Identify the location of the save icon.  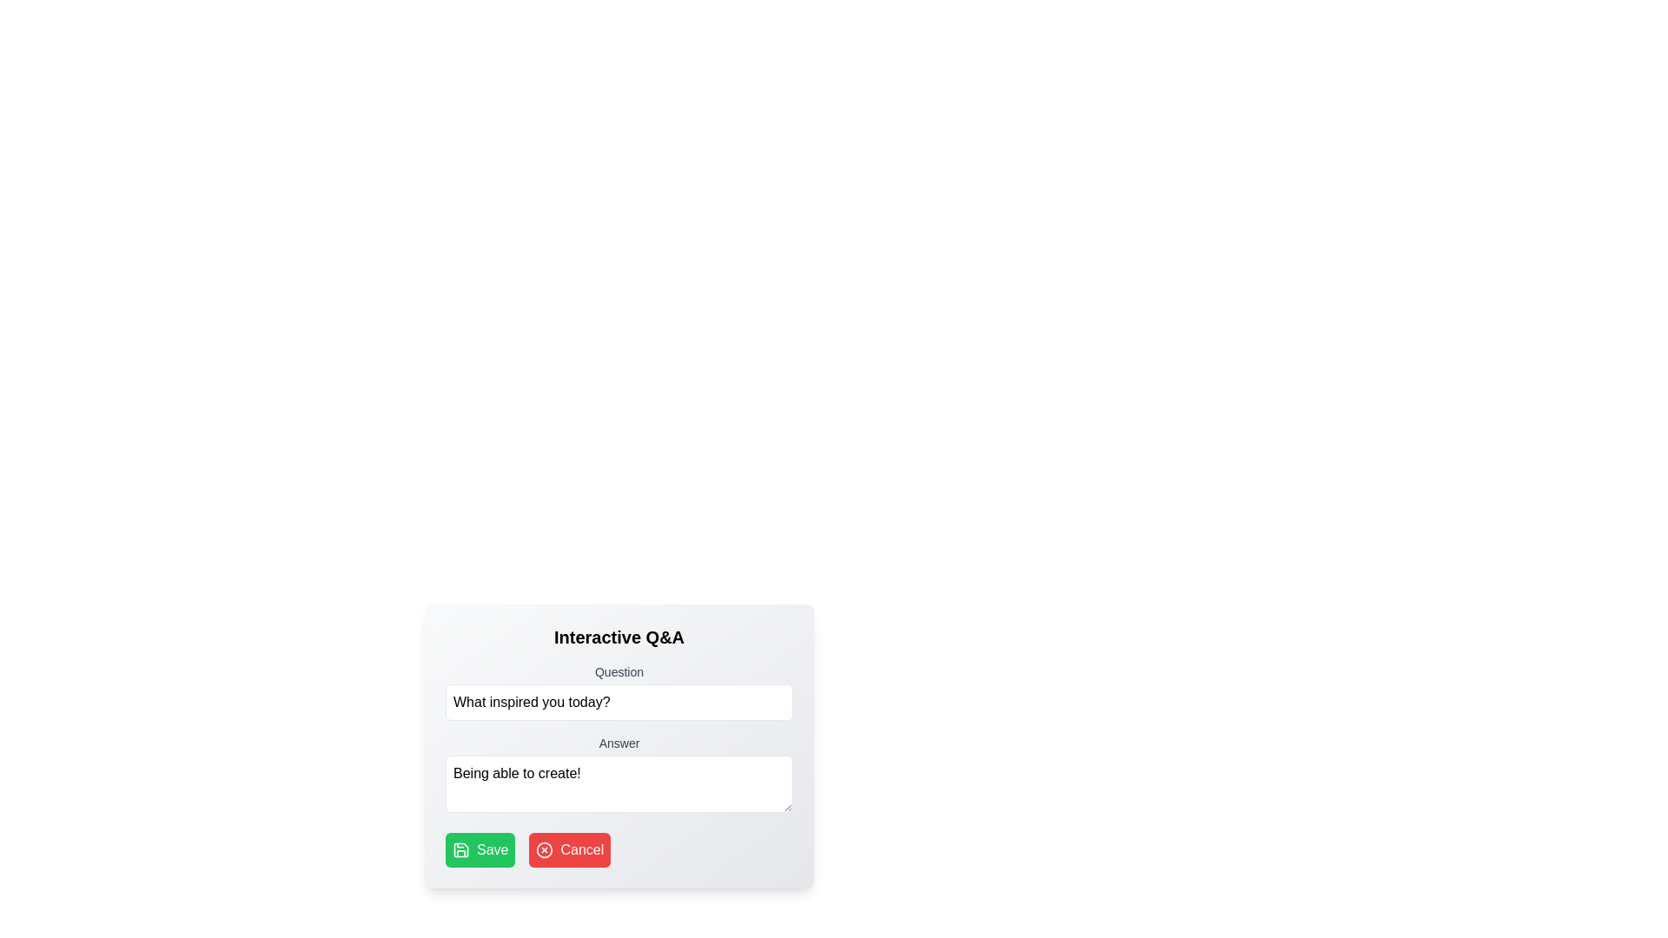
(461, 849).